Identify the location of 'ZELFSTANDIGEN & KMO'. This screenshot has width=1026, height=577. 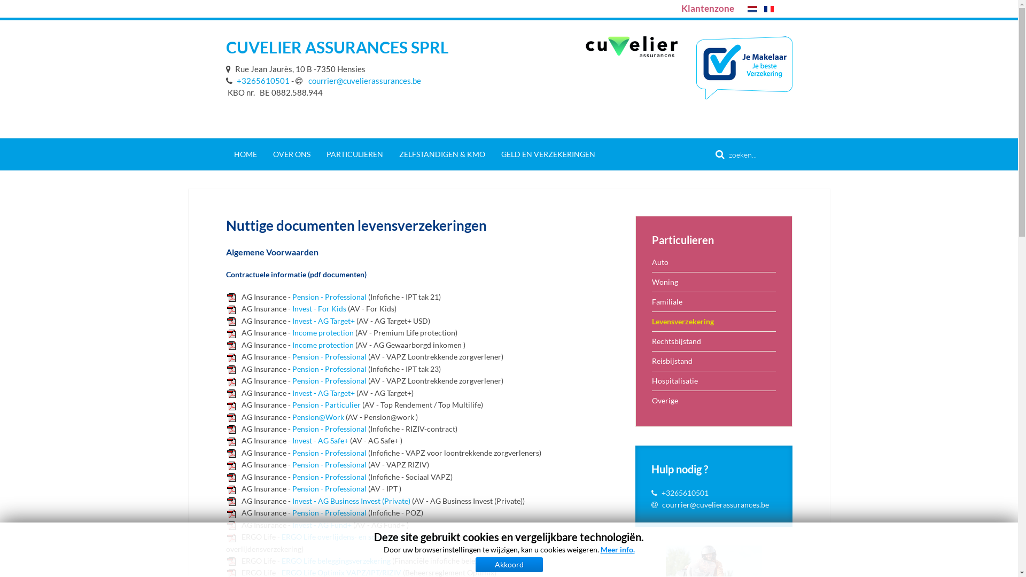
(442, 154).